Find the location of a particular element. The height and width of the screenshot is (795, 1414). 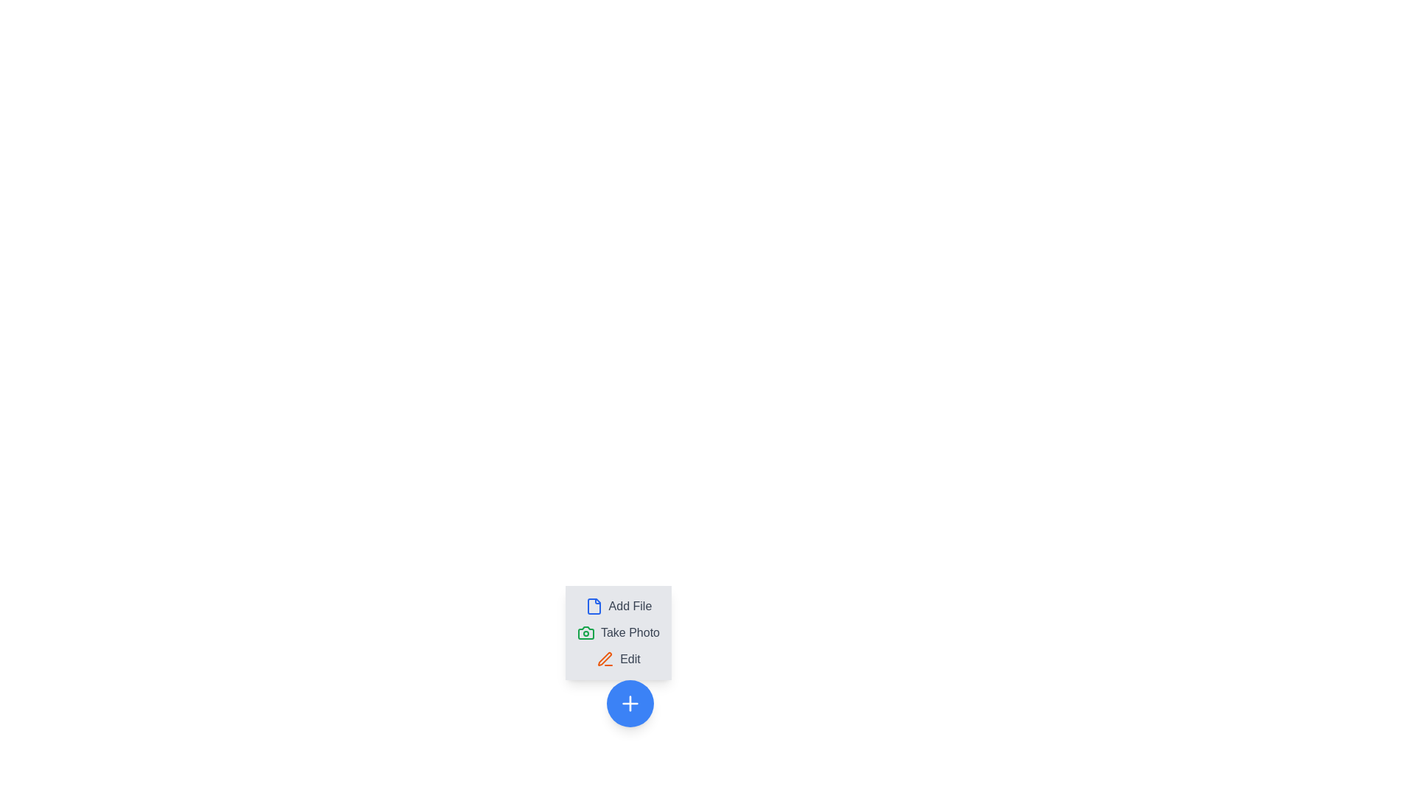

the blue file icon located at the start of the horizontal layout next to the 'Add File' label is located at coordinates (594, 607).